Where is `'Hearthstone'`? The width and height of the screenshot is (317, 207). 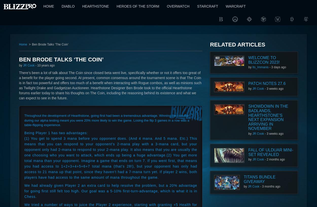 'Hearthstone' is located at coordinates (82, 6).